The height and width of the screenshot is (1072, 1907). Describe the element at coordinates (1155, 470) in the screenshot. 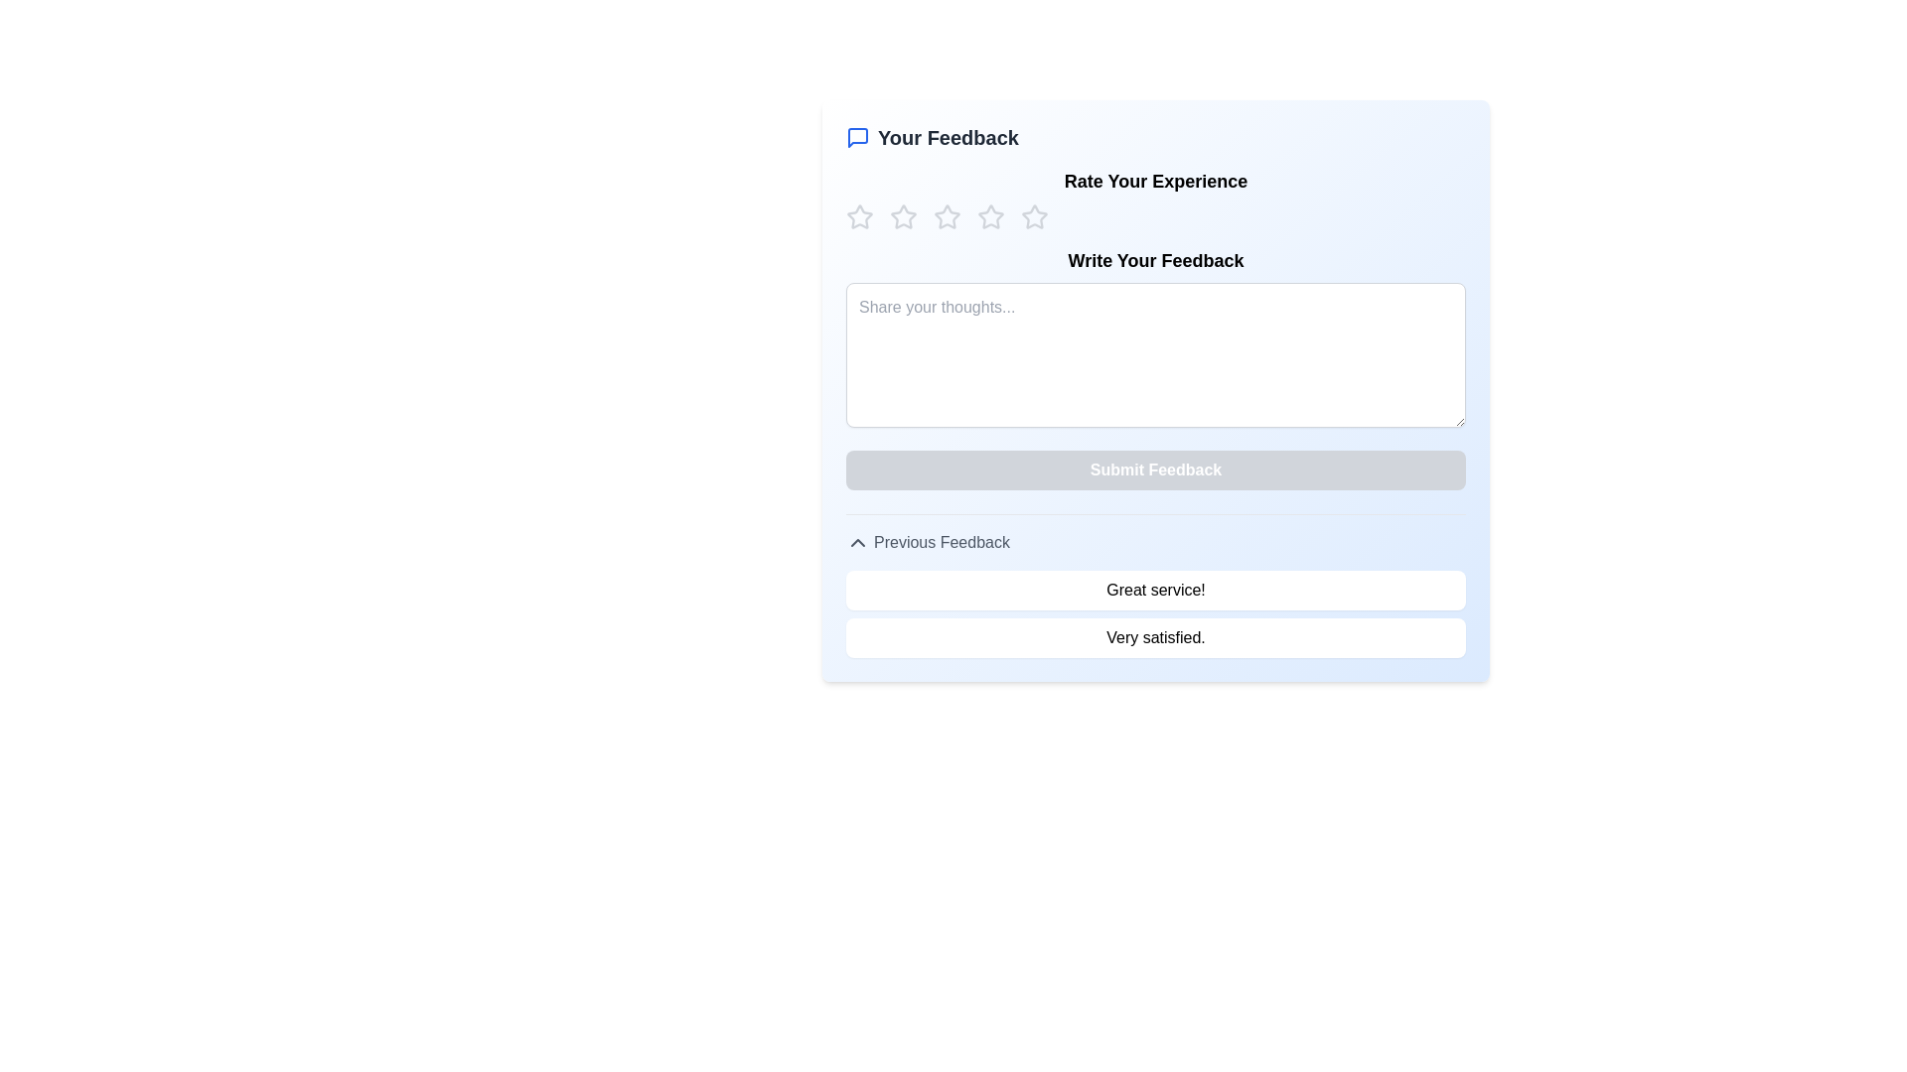

I see `the disabled 'Submit Feedback' button with a light gray background and white text, located below the 'Write Your Feedback' text input field` at that location.